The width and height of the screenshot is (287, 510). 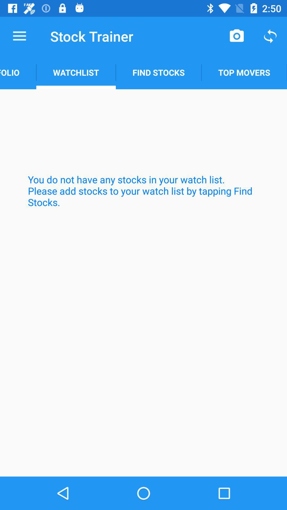 I want to click on the item next to the find stocks app, so click(x=76, y=72).